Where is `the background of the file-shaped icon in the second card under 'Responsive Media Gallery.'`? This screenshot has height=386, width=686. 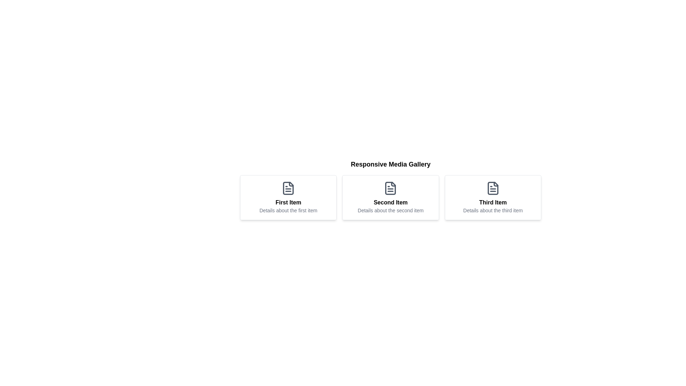
the background of the file-shaped icon in the second card under 'Responsive Media Gallery.' is located at coordinates (390, 188).